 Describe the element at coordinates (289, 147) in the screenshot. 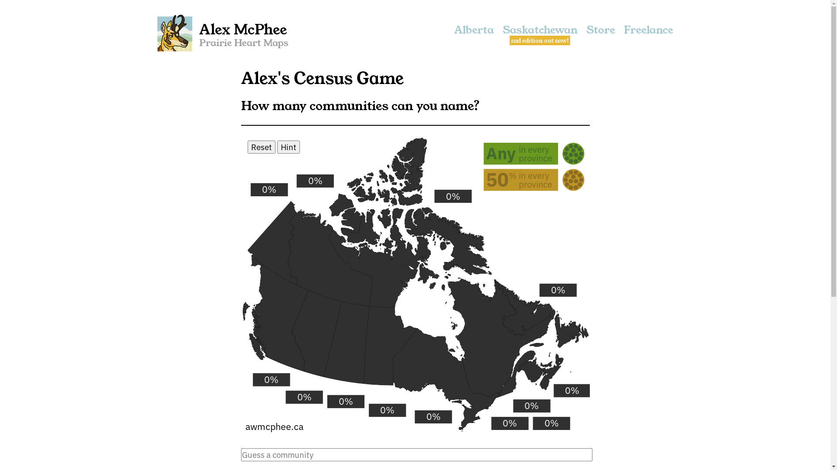

I see `'Hint'` at that location.